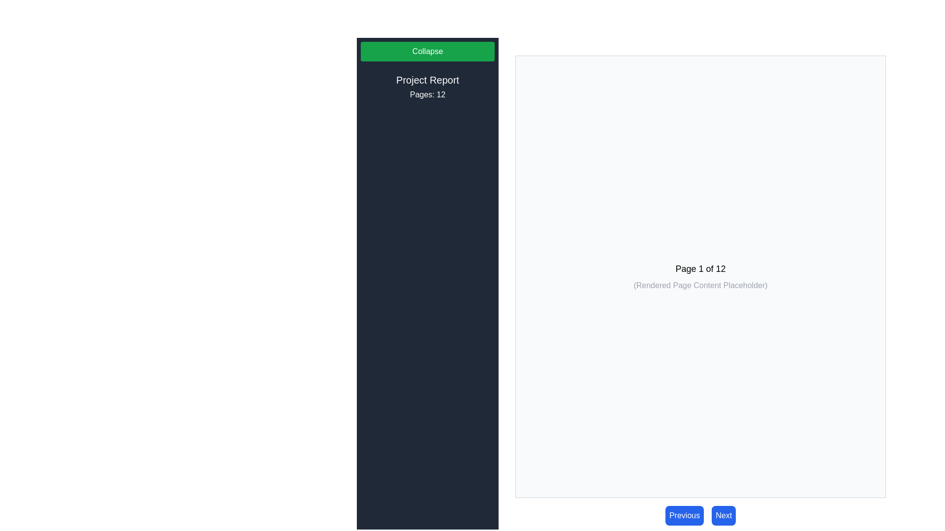 This screenshot has height=531, width=945. I want to click on the static text label located in the left panel beneath the 'Collapse' button, which serves as a title or header for a section, so click(427, 79).